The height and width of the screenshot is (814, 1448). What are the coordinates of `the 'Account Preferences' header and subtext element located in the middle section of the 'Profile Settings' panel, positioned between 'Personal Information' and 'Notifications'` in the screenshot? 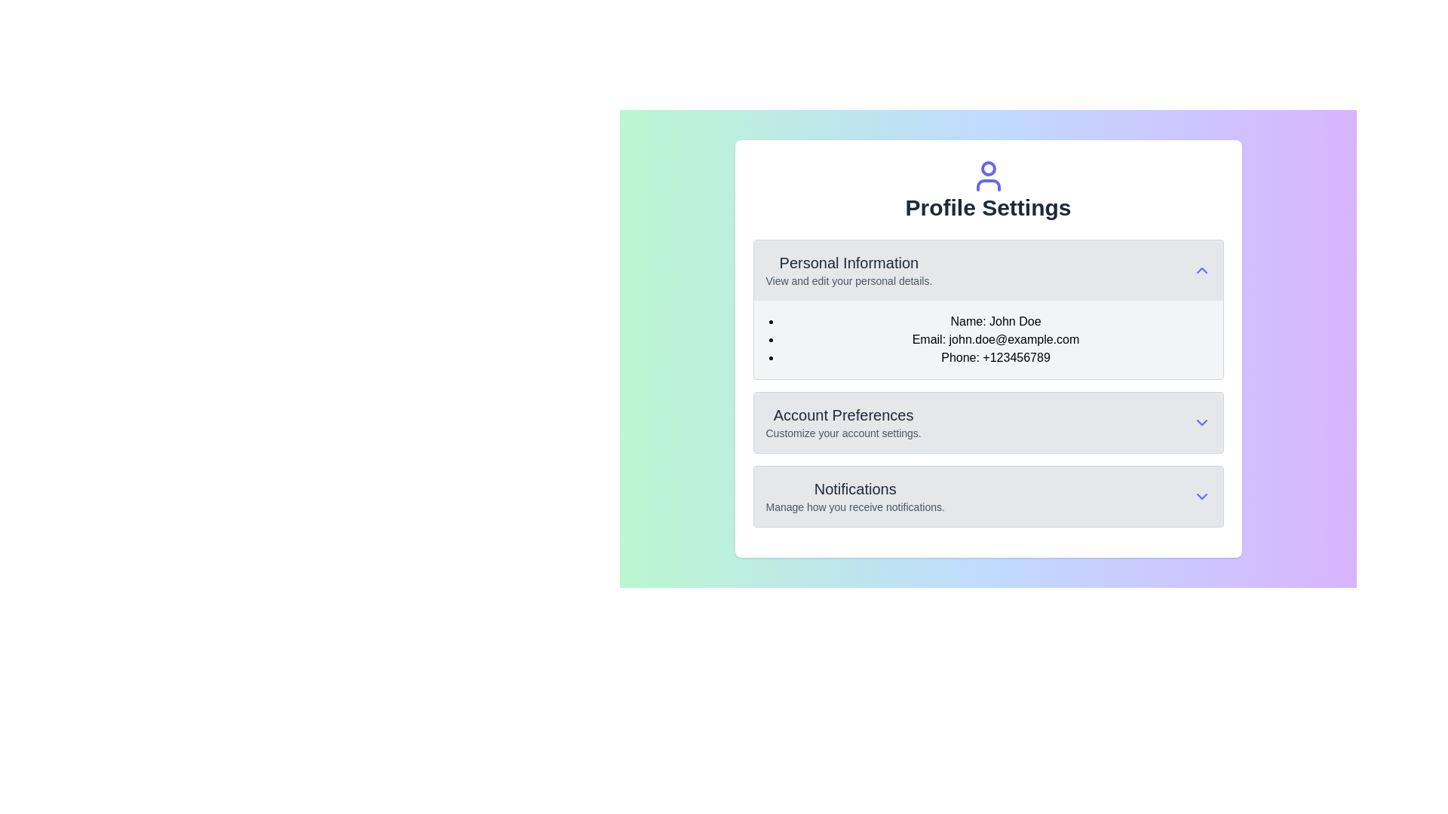 It's located at (842, 422).